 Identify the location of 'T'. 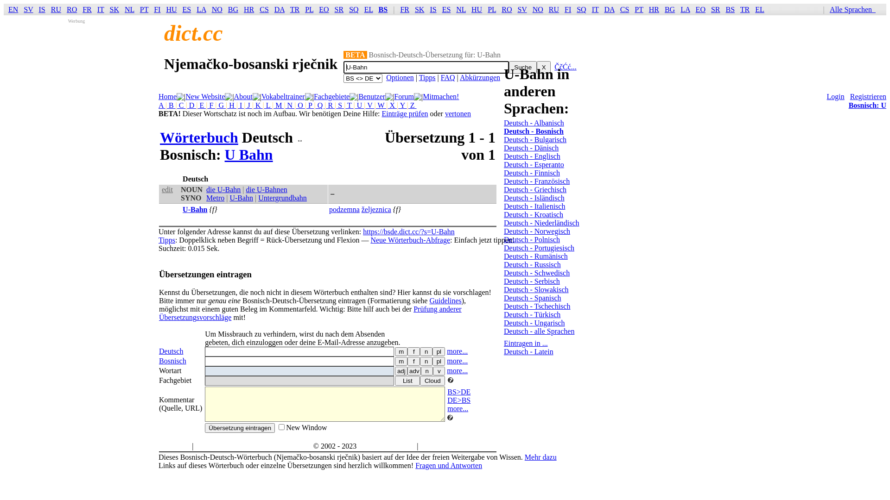
(349, 105).